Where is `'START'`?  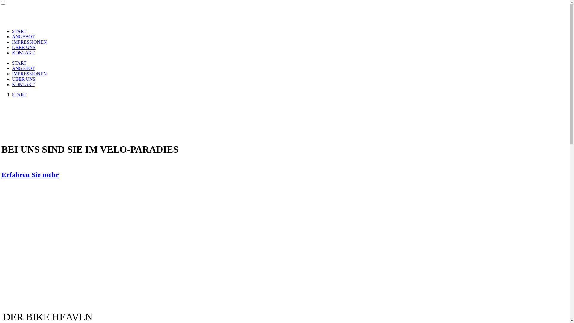
'START' is located at coordinates (12, 63).